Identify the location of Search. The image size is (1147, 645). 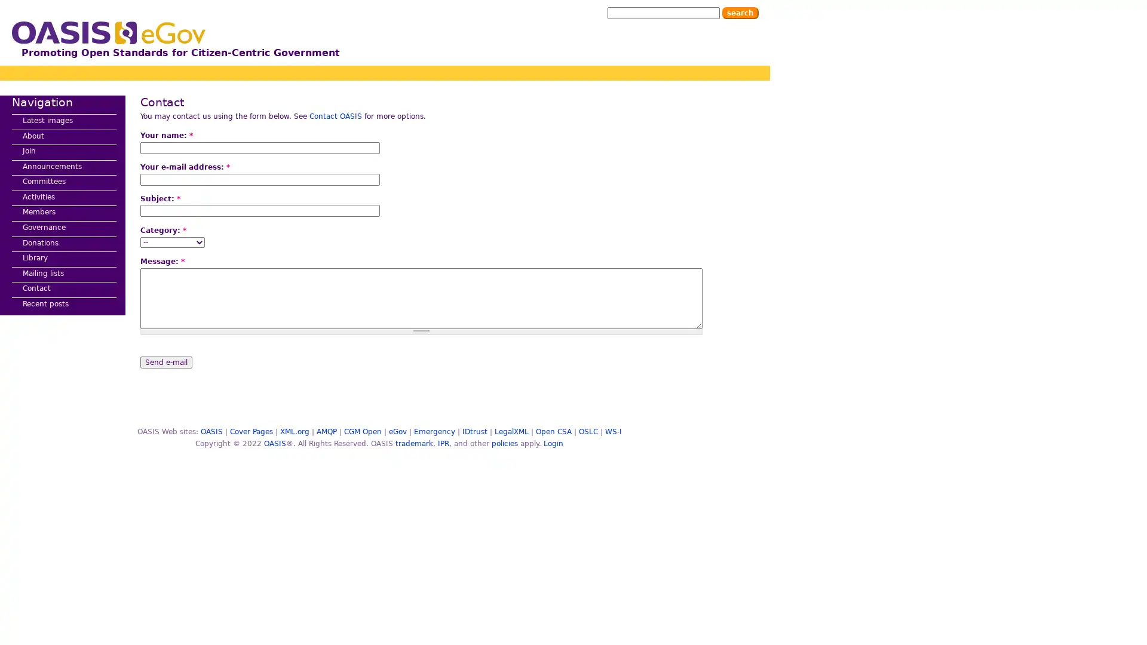
(740, 13).